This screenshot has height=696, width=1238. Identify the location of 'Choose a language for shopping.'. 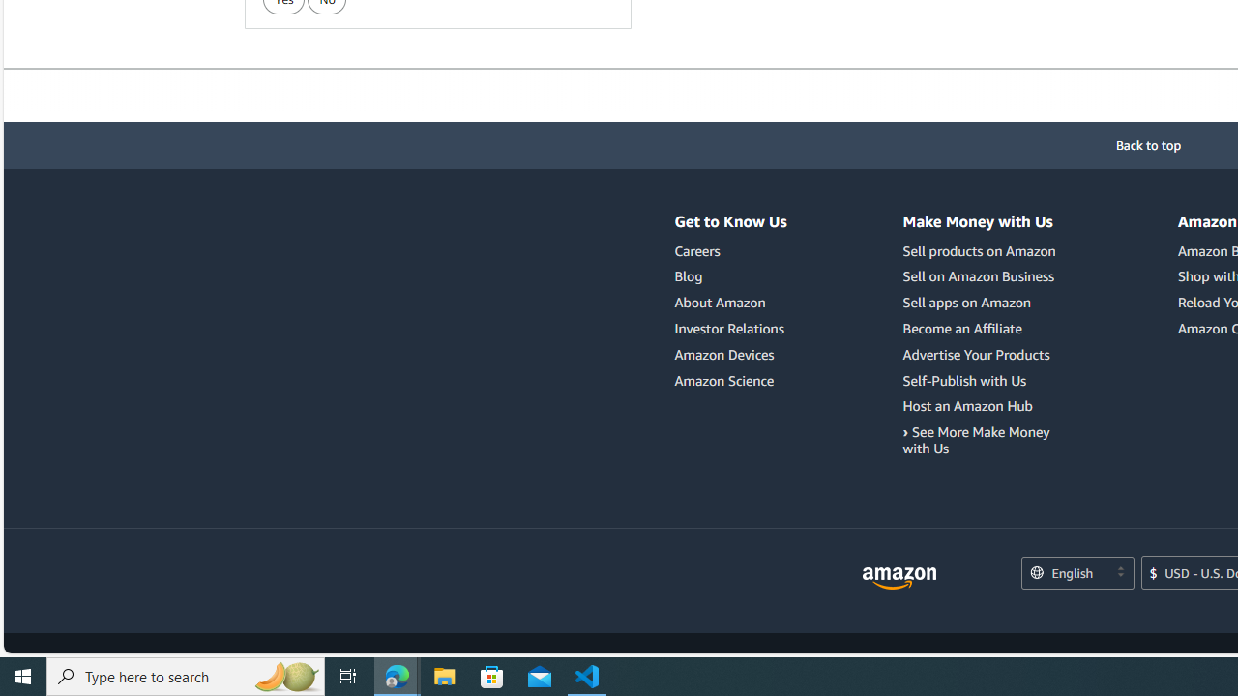
(1076, 572).